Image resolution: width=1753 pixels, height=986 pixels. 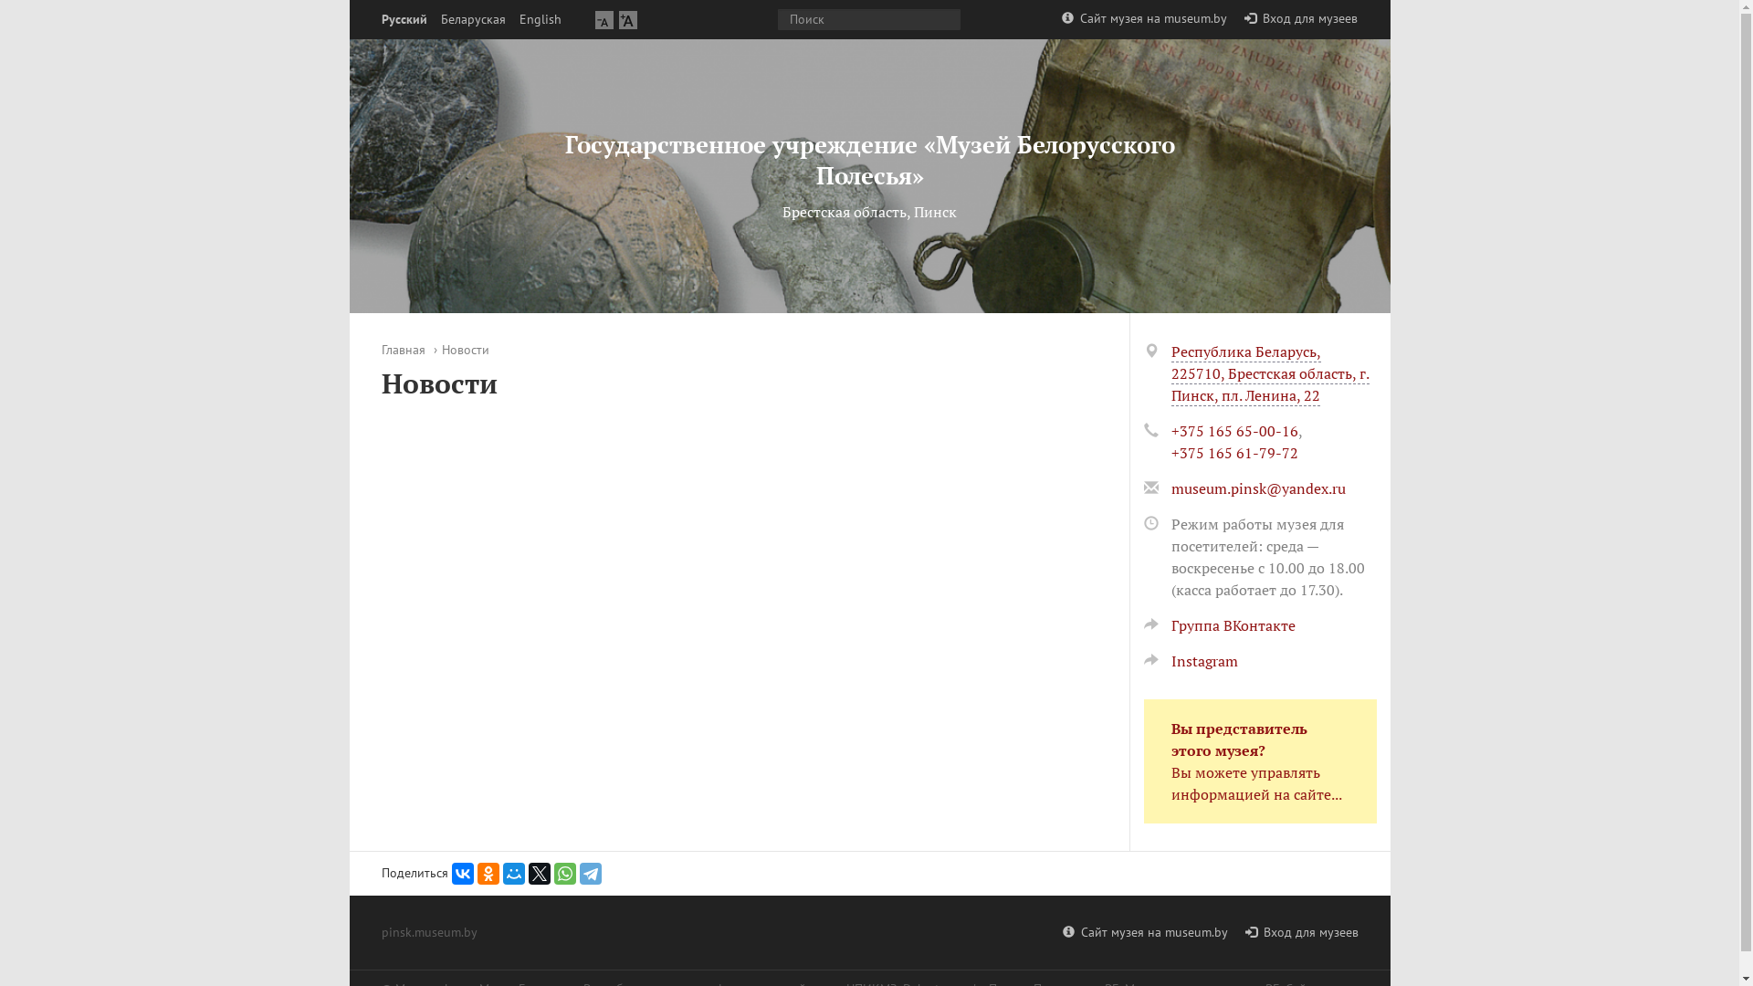 What do you see at coordinates (526, 872) in the screenshot?
I see `'Twitter'` at bounding box center [526, 872].